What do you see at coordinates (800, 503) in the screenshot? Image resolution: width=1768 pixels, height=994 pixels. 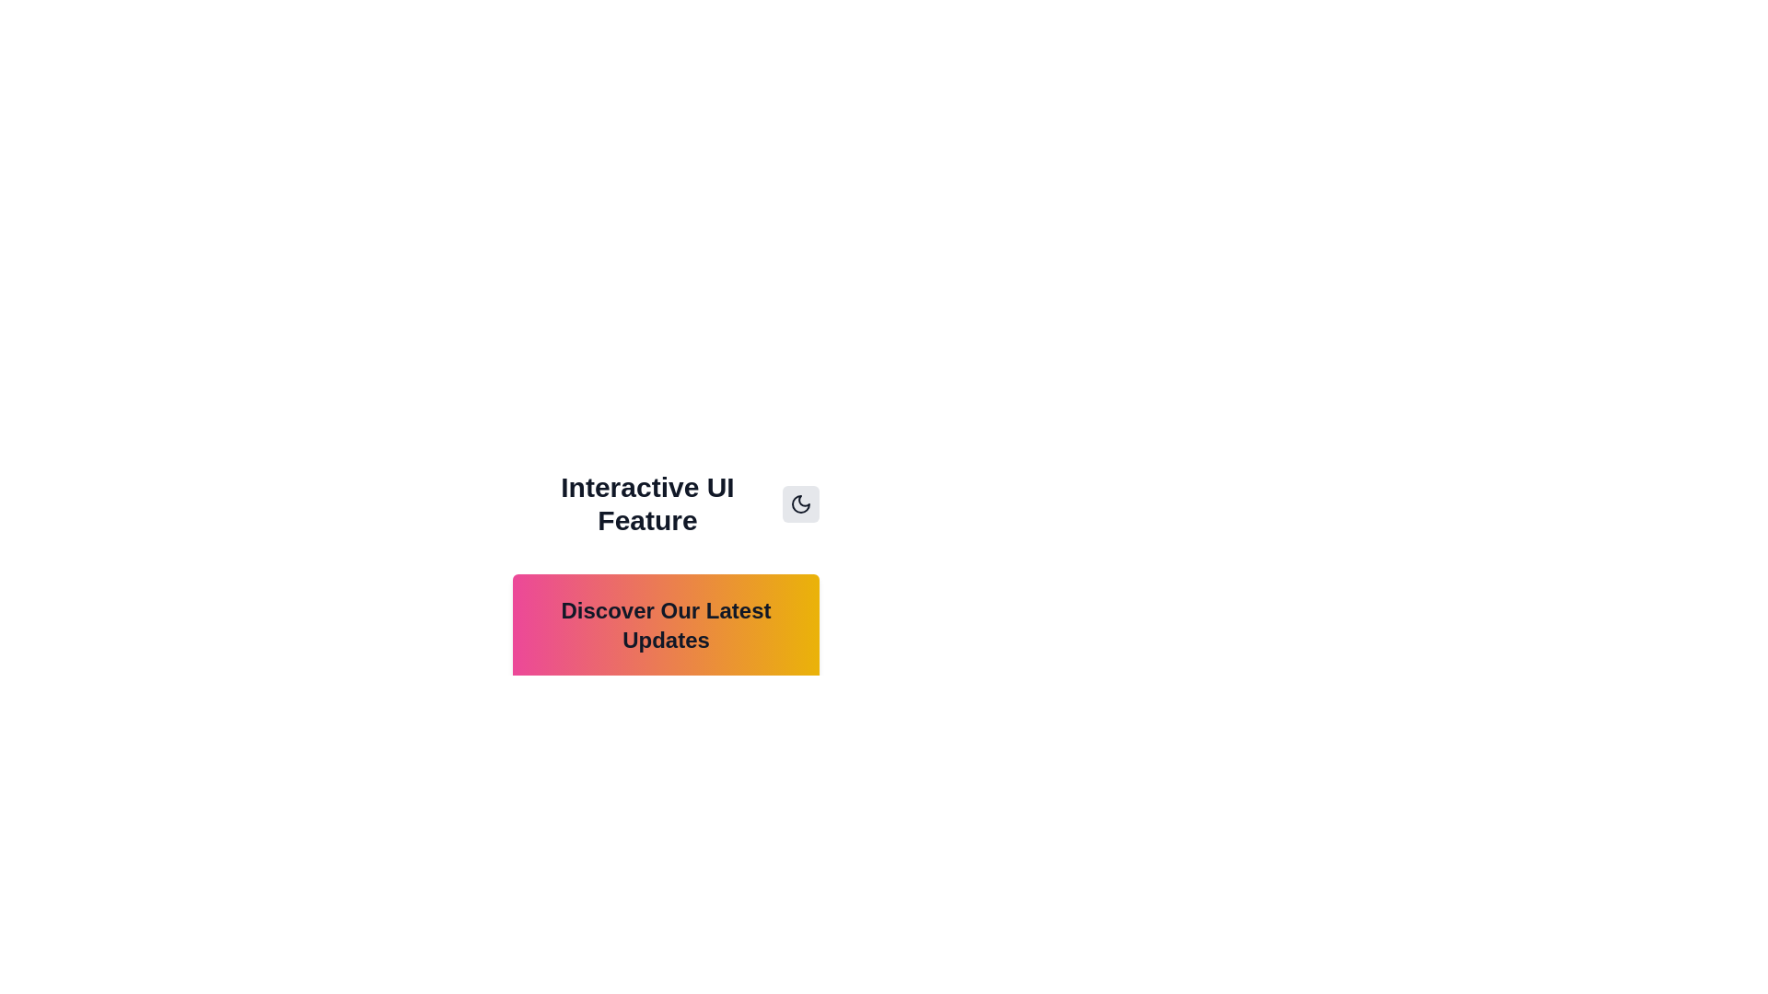 I see `the moon icon located at the top-right side of the 'Interactive UI Feature' label, which indicates the toggle for night mode` at bounding box center [800, 503].